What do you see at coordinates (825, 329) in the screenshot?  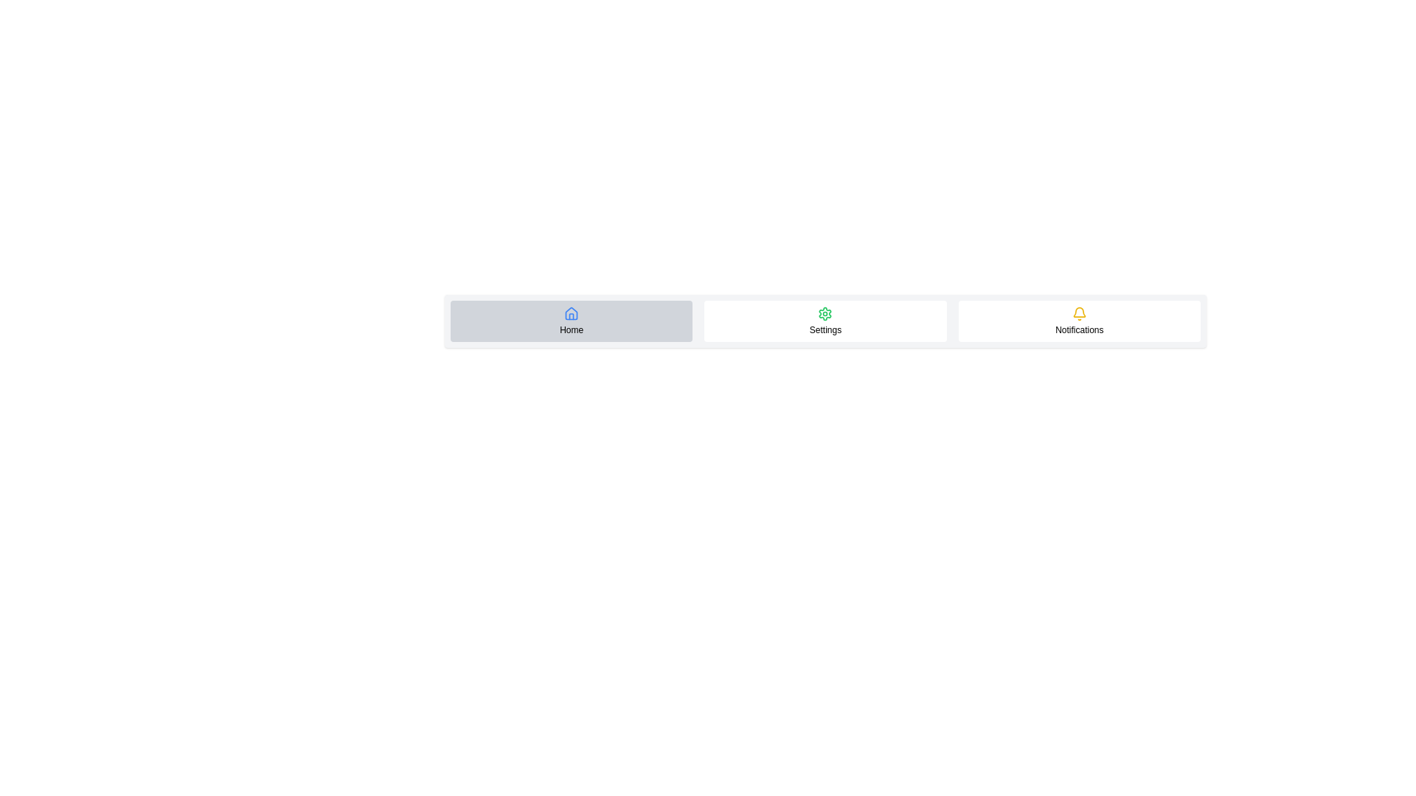 I see `the 'Settings' text label, which is displayed in a small font size and is centrally located below the settings gear icon` at bounding box center [825, 329].